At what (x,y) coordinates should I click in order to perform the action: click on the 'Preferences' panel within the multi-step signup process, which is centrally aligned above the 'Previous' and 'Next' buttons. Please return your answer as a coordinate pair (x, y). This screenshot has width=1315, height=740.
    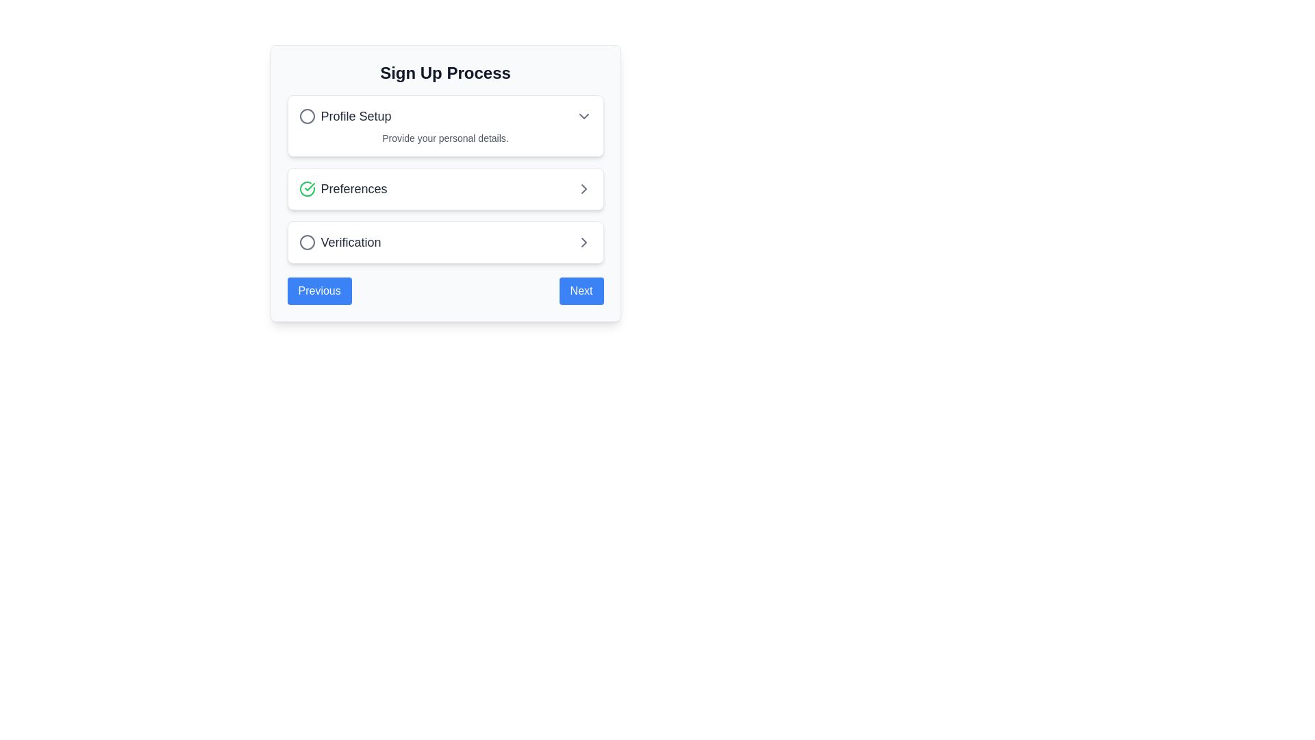
    Looking at the image, I should click on (445, 182).